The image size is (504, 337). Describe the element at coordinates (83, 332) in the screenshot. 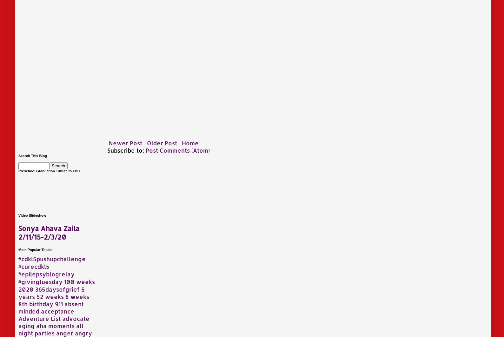

I see `'angry'` at that location.